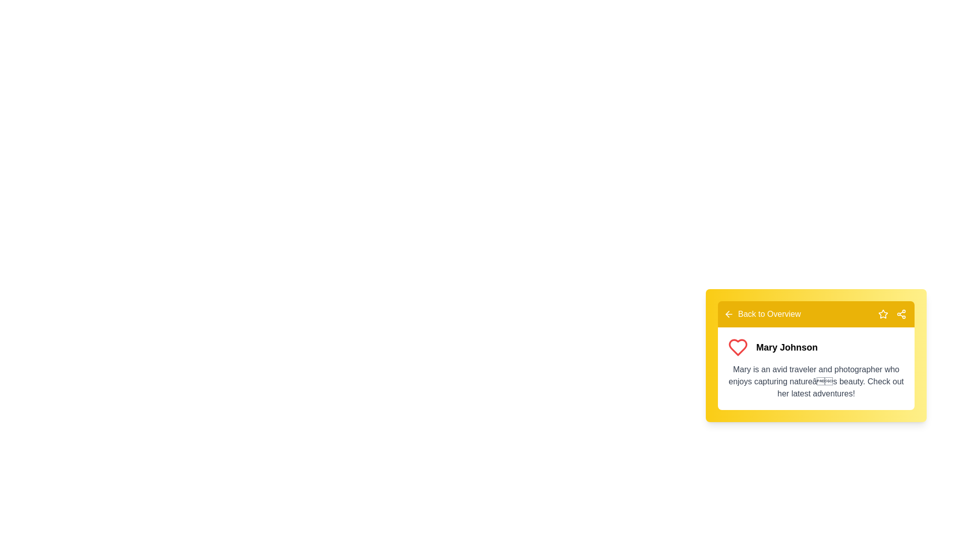  Describe the element at coordinates (883, 314) in the screenshot. I see `the rightmost icon button in the top header bar of the card component to mark the item as a favorite` at that location.